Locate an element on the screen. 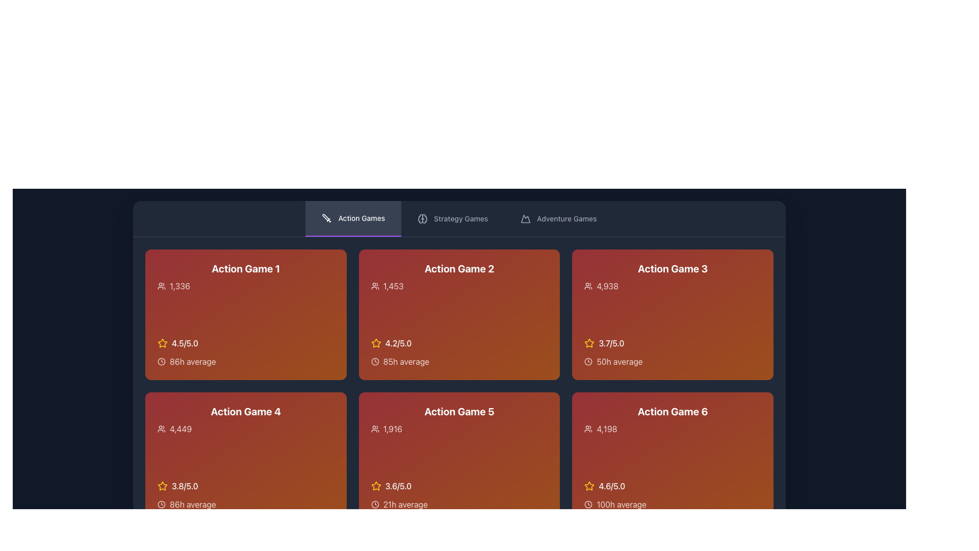  the 'Action Games' tab, which features a sword icon and is styled with a dark background and white text is located at coordinates (353, 218).